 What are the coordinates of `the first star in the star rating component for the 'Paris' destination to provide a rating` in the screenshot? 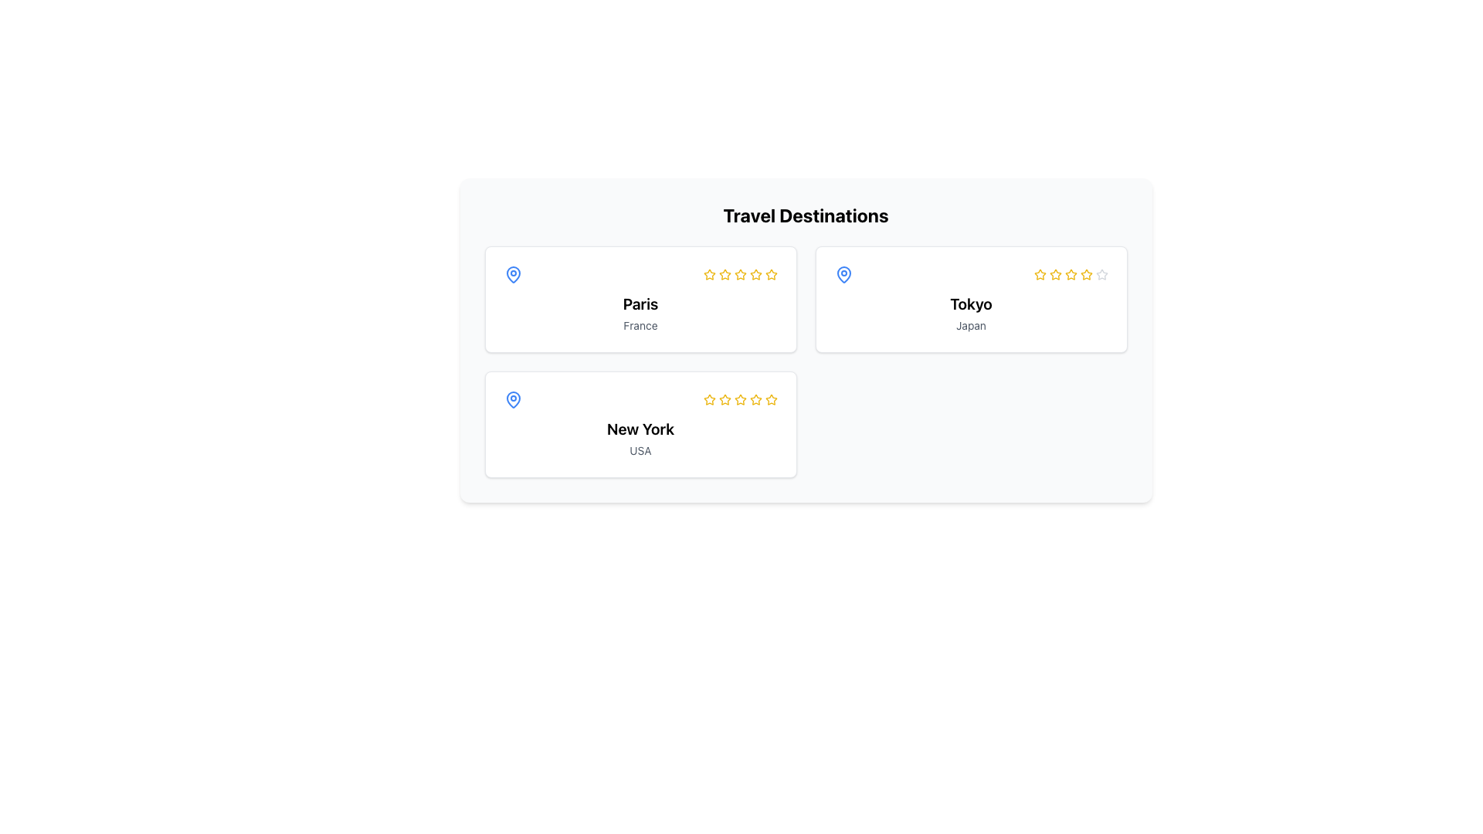 It's located at (708, 273).